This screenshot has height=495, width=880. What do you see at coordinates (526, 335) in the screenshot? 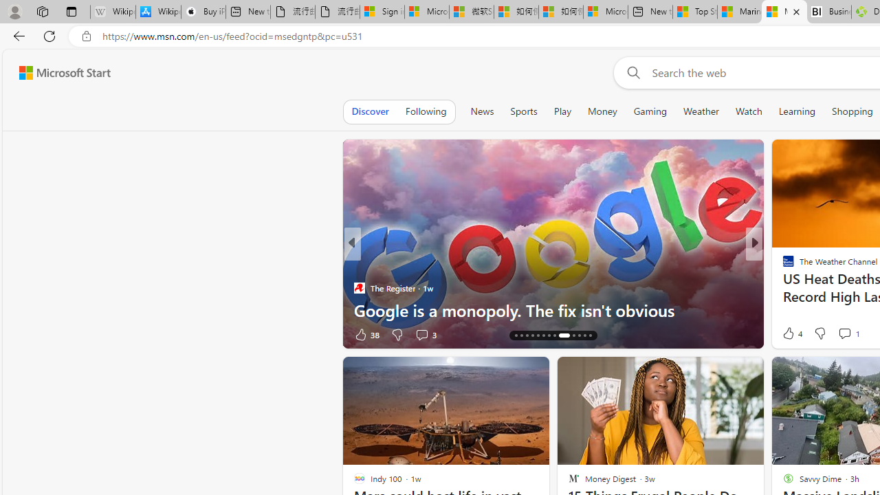
I see `'AutomationID: tab-16'` at bounding box center [526, 335].